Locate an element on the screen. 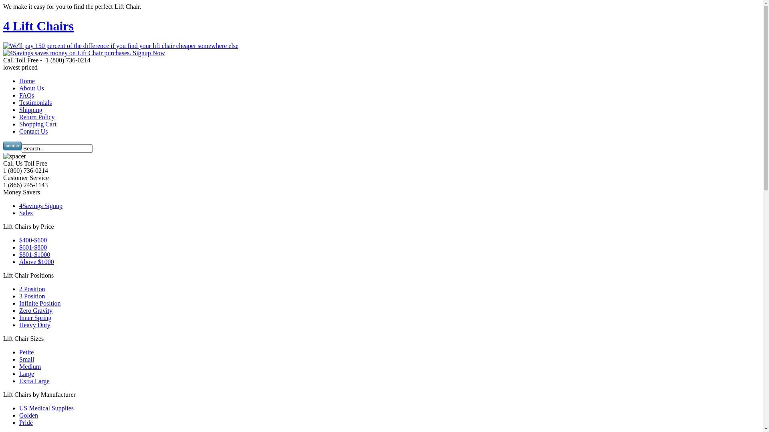 This screenshot has height=432, width=769. 'Golden' is located at coordinates (28, 415).